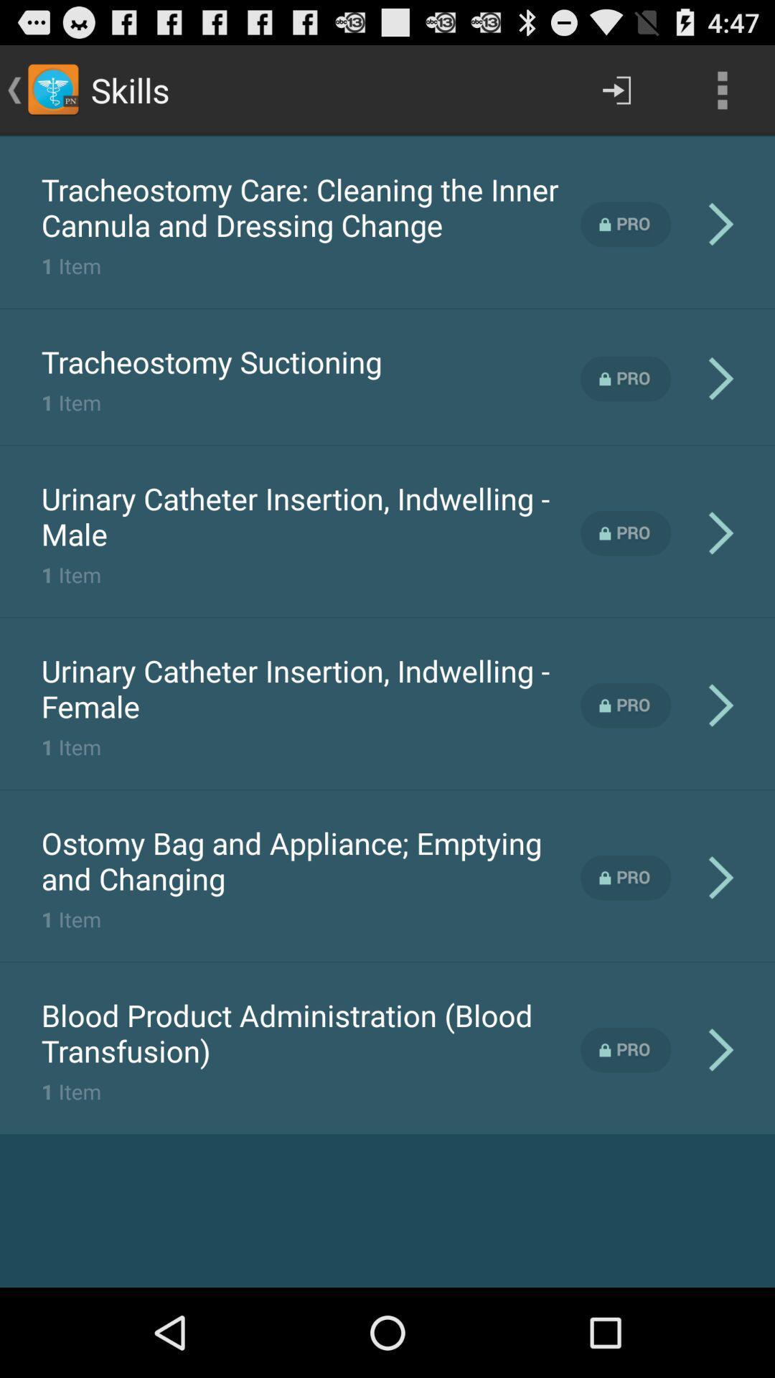 Image resolution: width=775 pixels, height=1378 pixels. What do you see at coordinates (625, 379) in the screenshot?
I see `upgrade to pro to unlock` at bounding box center [625, 379].